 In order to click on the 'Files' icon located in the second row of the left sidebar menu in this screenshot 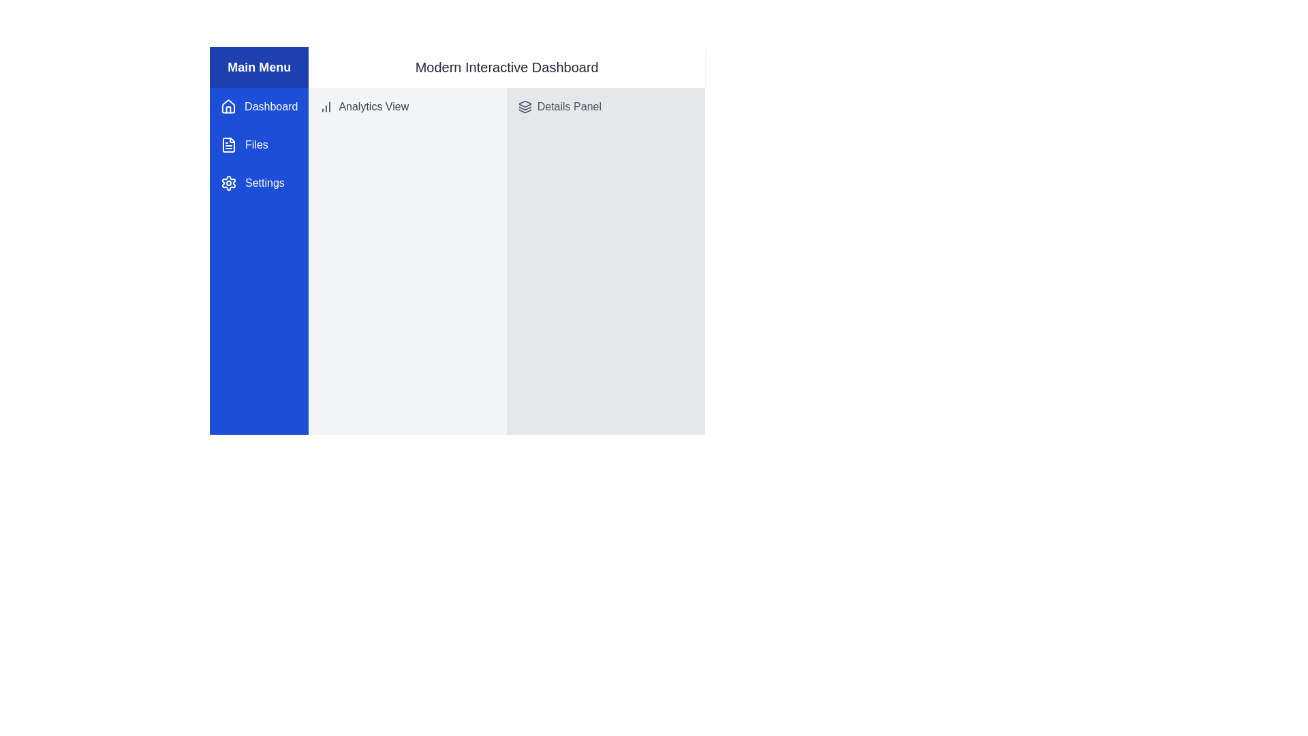, I will do `click(229, 144)`.